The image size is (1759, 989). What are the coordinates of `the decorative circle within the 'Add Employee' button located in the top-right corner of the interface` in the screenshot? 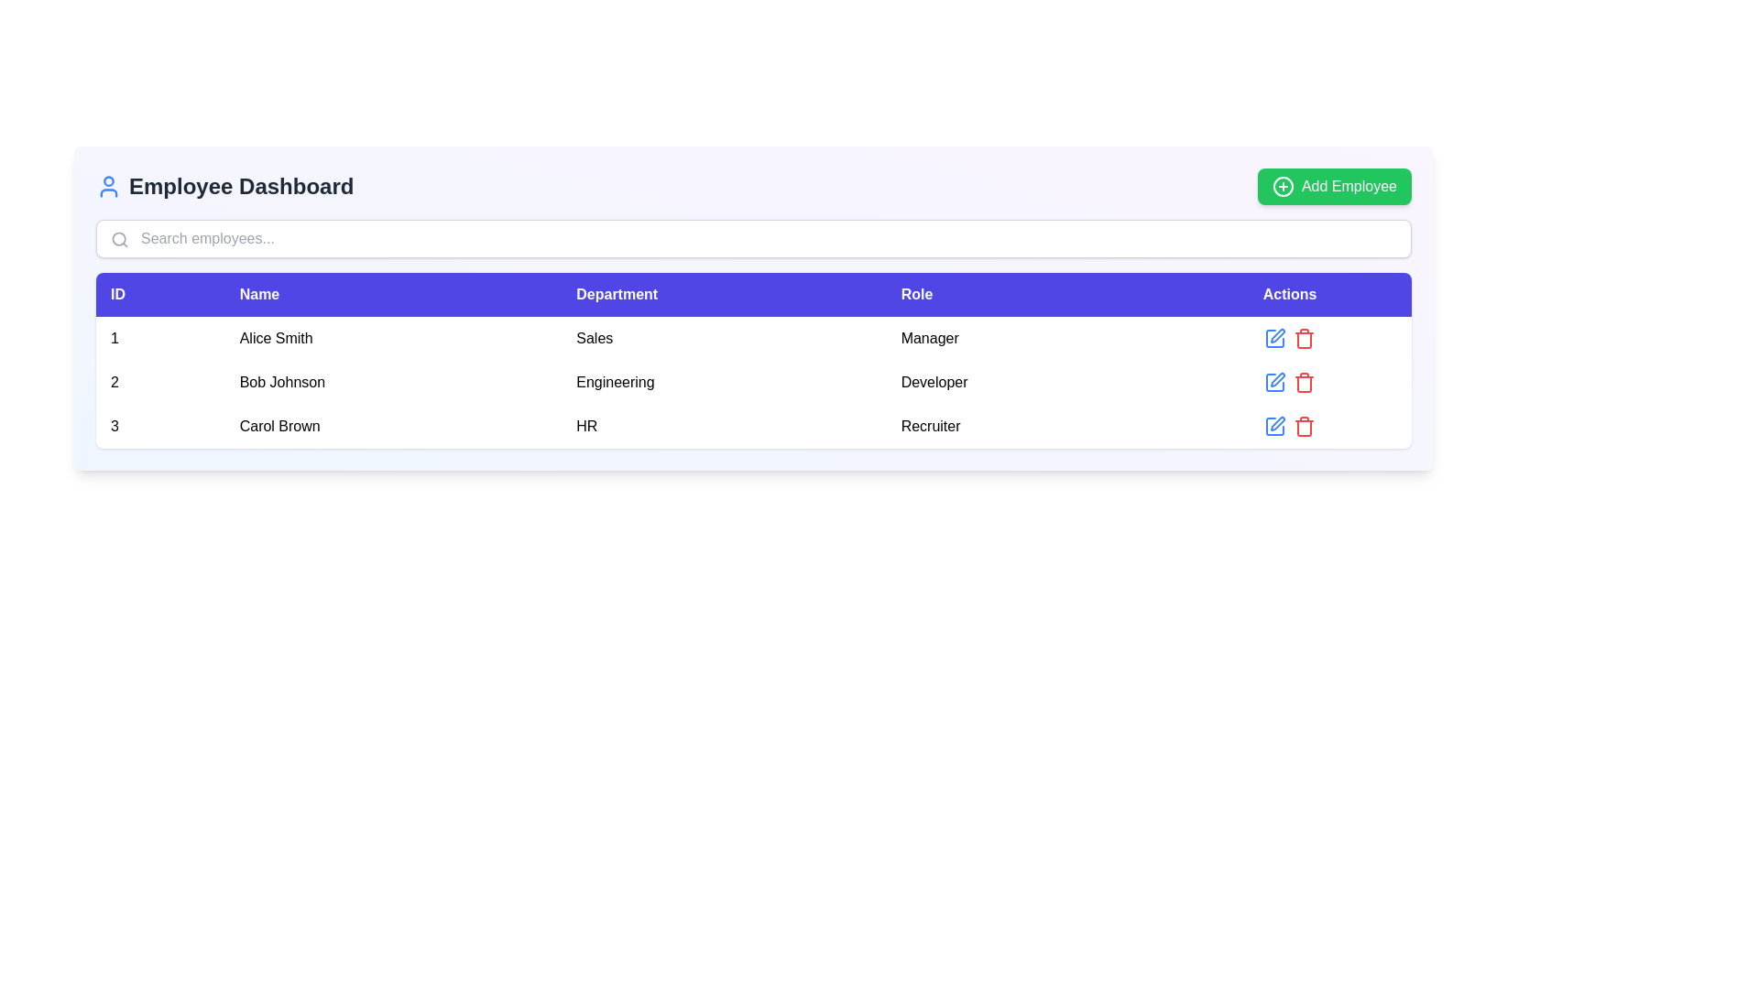 It's located at (1283, 187).